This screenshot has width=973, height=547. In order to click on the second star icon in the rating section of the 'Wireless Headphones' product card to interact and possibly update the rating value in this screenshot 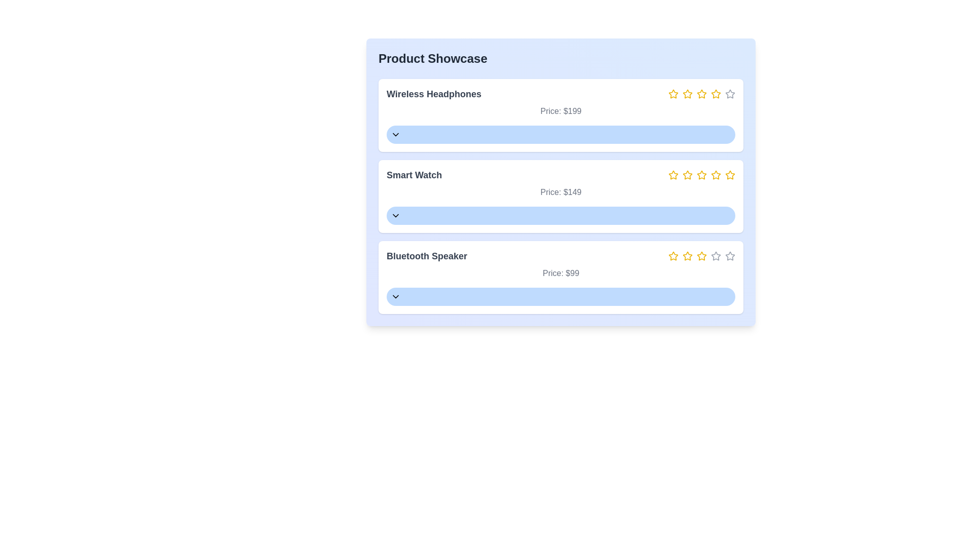, I will do `click(688, 94)`.